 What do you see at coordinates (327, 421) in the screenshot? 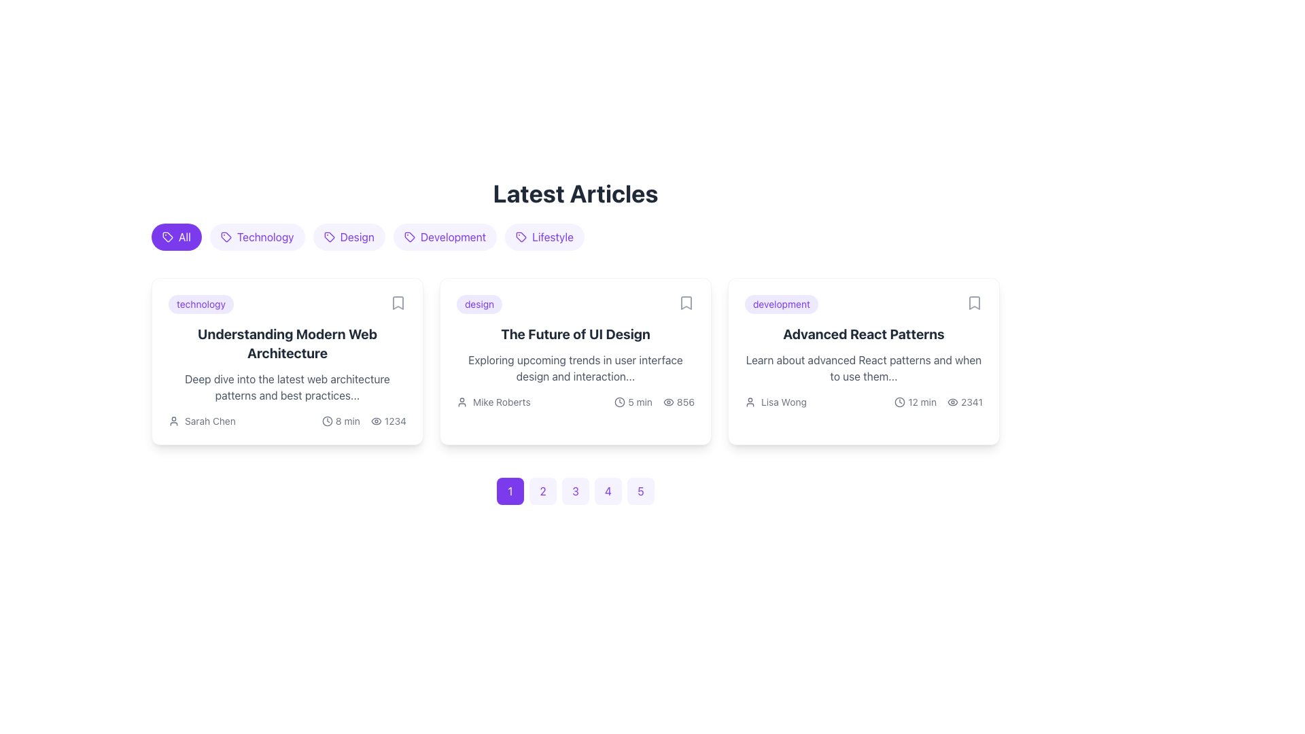
I see `the SVG Circle Element representing the clock face within the clock icon that indicates time-related metadata for the article` at bounding box center [327, 421].